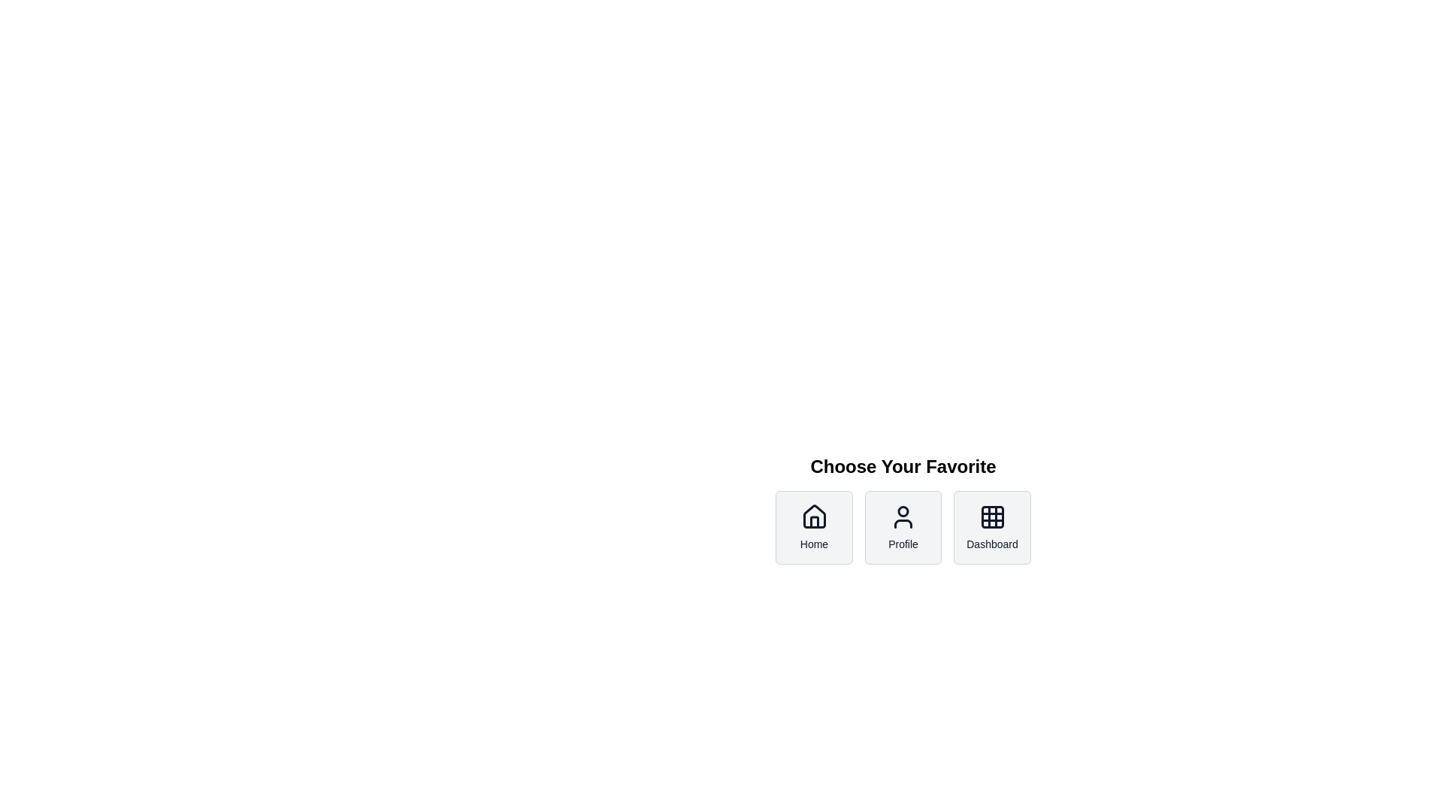 The image size is (1443, 812). Describe the element at coordinates (902, 511) in the screenshot. I see `the circular graphical icon component representing the head in the 'Profile' icon, which is the second option from the left in a horizontal arrangement of three buttons below the text 'Choose Your Favorite.'` at that location.